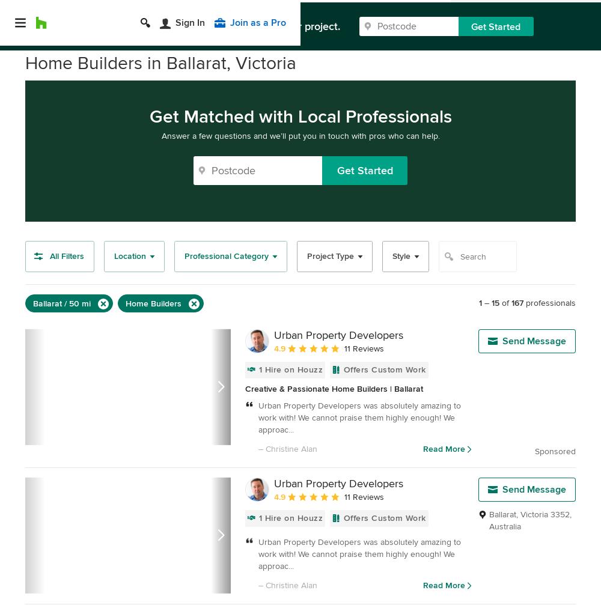 This screenshot has width=601, height=605. What do you see at coordinates (479, 303) in the screenshot?
I see `'1'` at bounding box center [479, 303].